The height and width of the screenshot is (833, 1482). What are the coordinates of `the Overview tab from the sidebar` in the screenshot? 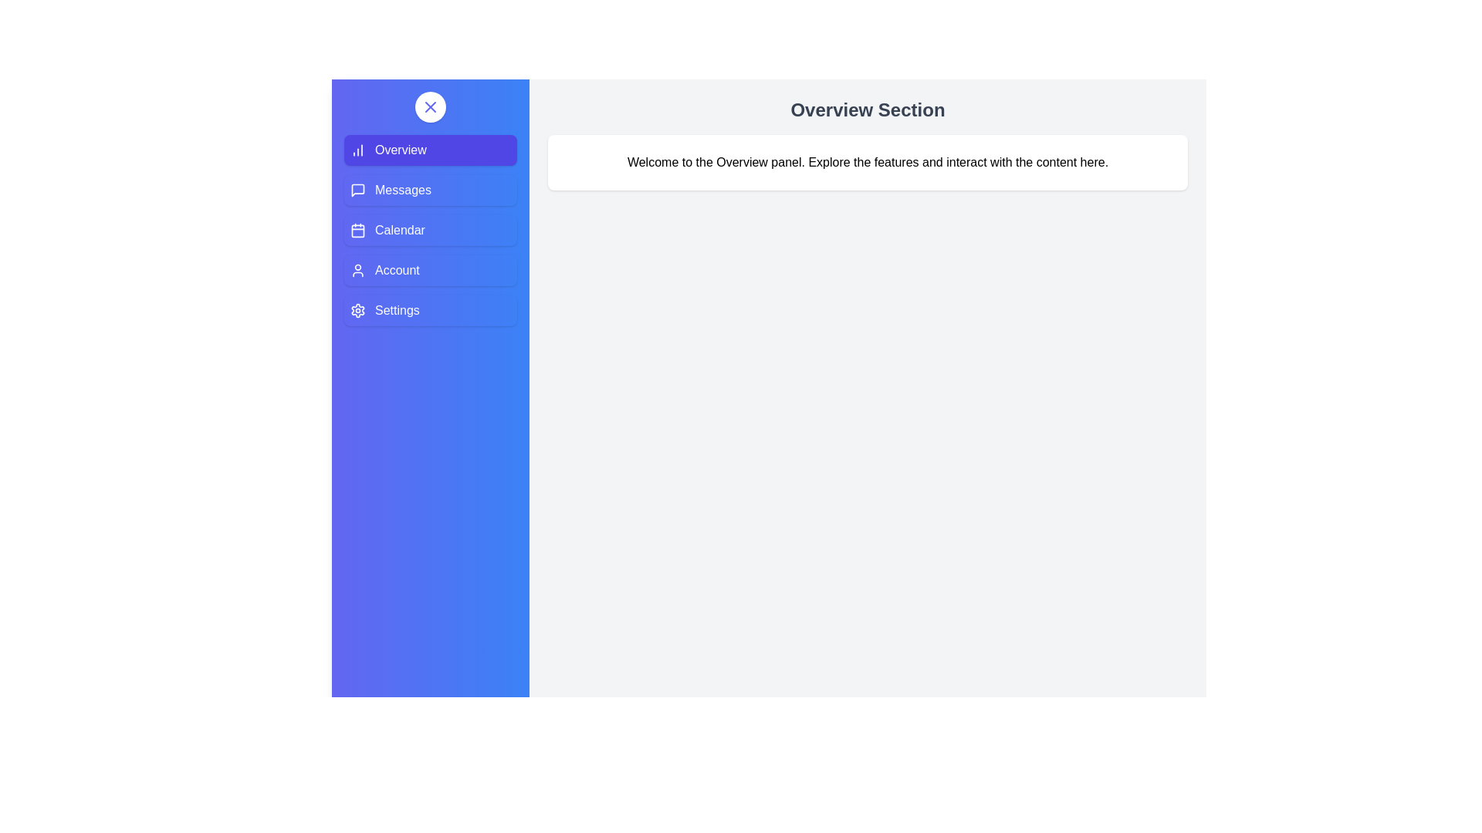 It's located at (430, 150).